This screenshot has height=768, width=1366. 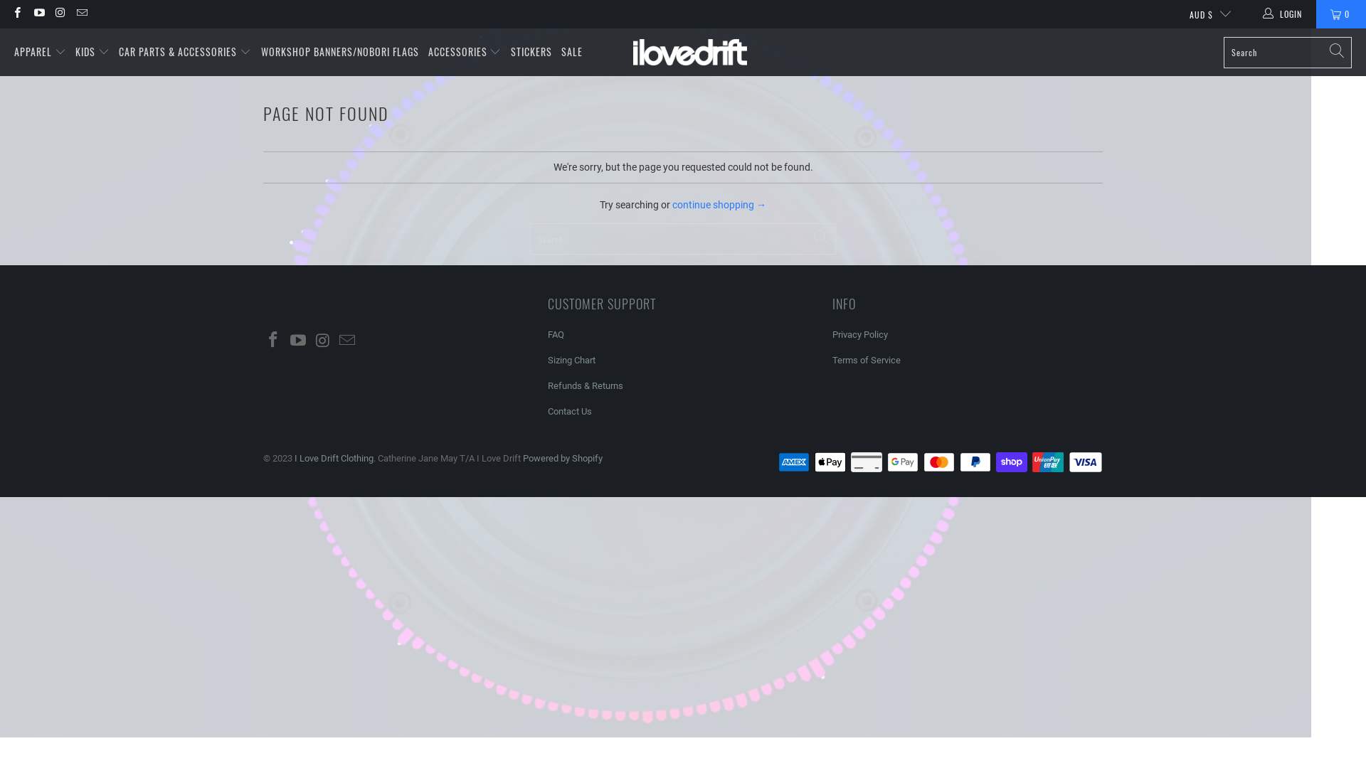 I want to click on 'CAR PARTS & ACCESSORIES', so click(x=184, y=51).